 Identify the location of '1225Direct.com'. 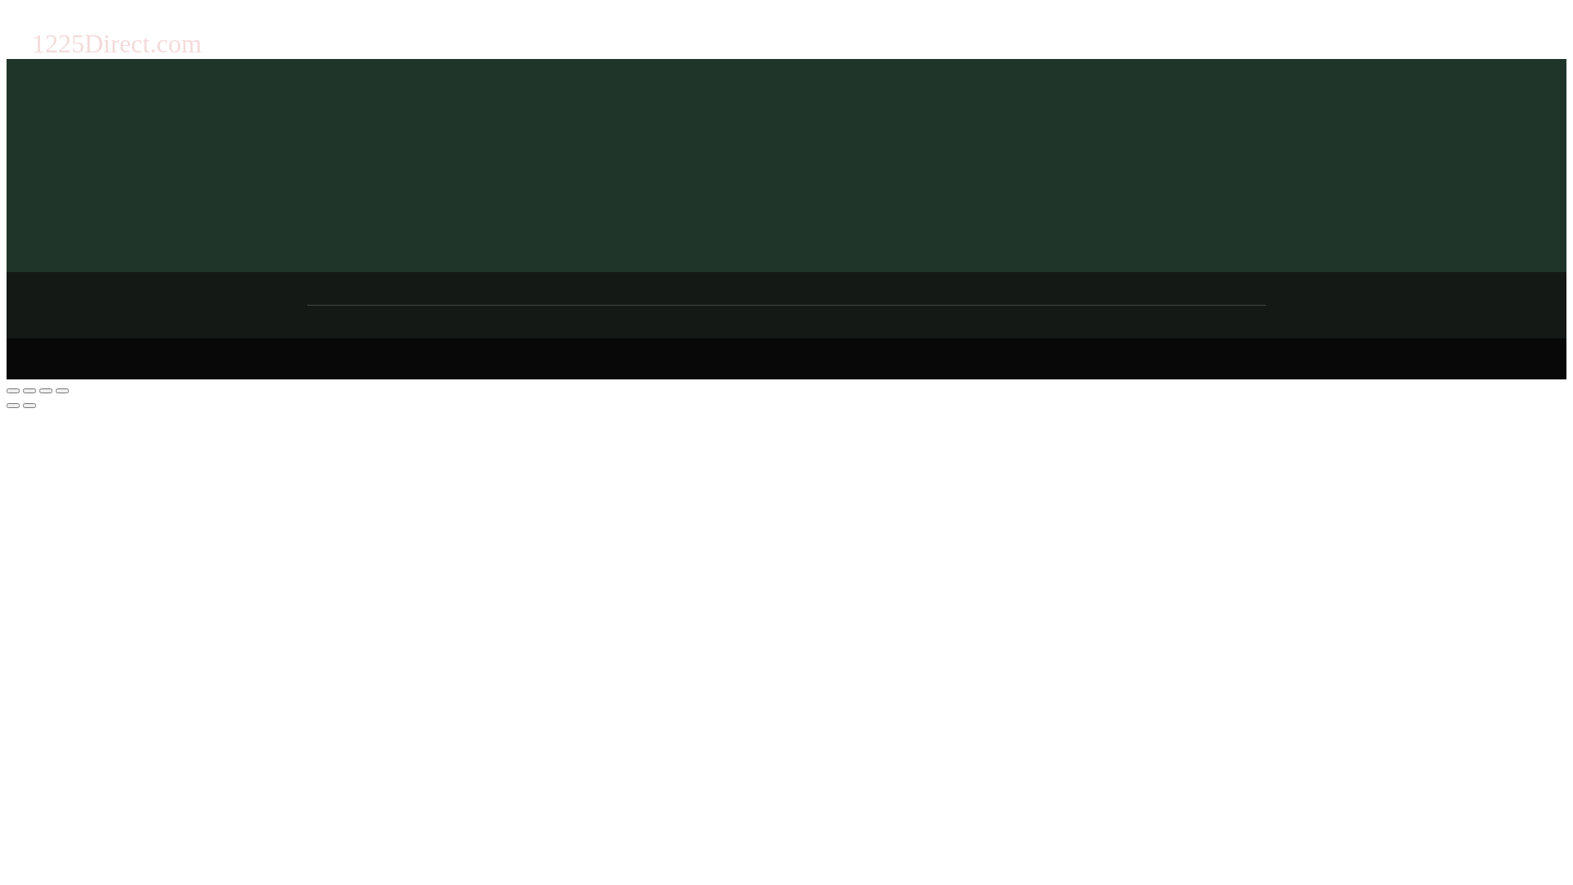
(31, 42).